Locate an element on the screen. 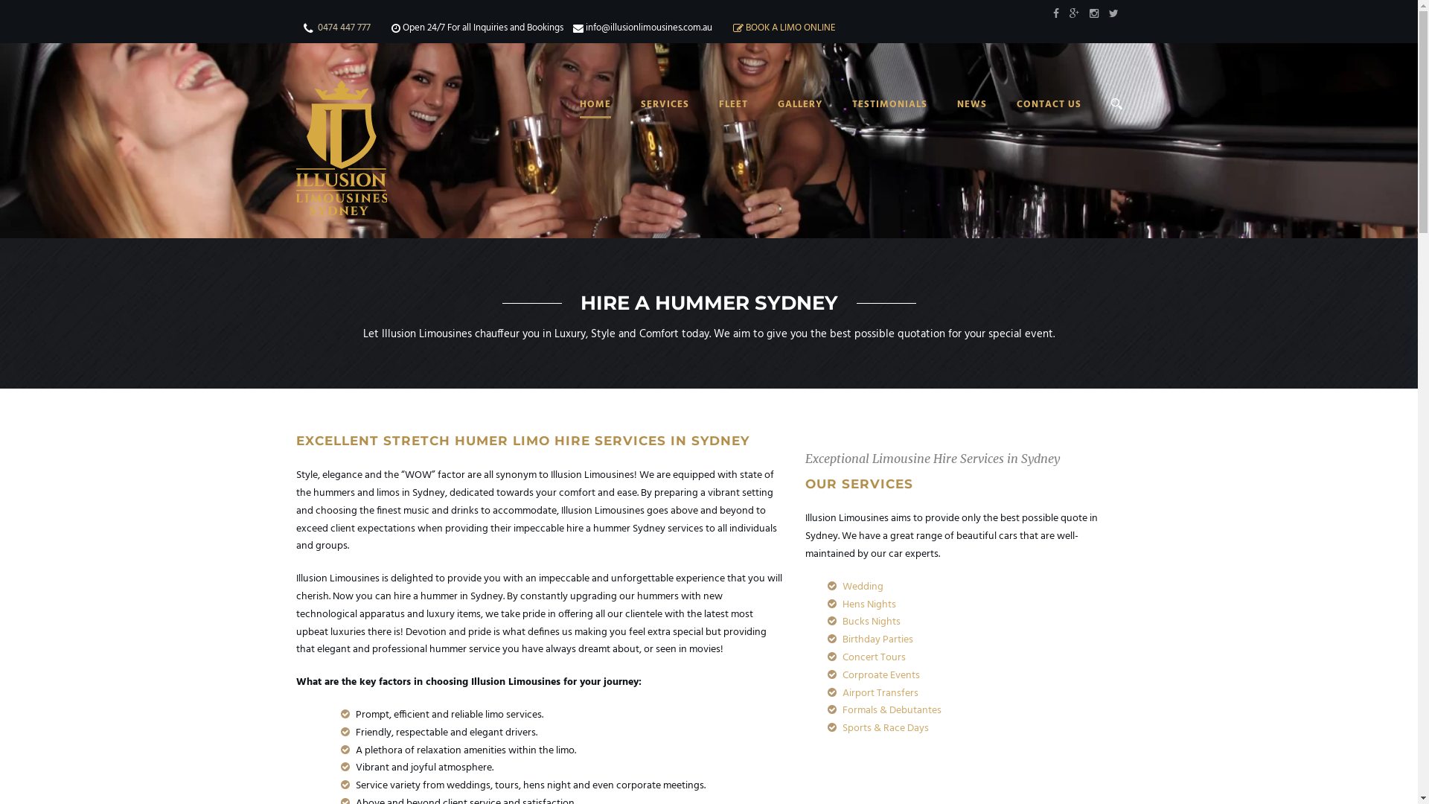 This screenshot has height=804, width=1429. 'TESTIMONIALS' is located at coordinates (874, 121).